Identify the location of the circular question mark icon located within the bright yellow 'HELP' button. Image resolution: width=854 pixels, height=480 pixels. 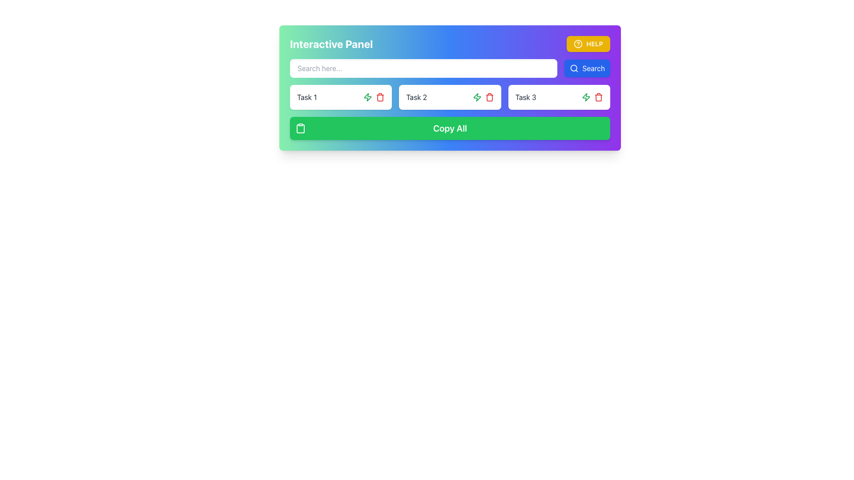
(578, 44).